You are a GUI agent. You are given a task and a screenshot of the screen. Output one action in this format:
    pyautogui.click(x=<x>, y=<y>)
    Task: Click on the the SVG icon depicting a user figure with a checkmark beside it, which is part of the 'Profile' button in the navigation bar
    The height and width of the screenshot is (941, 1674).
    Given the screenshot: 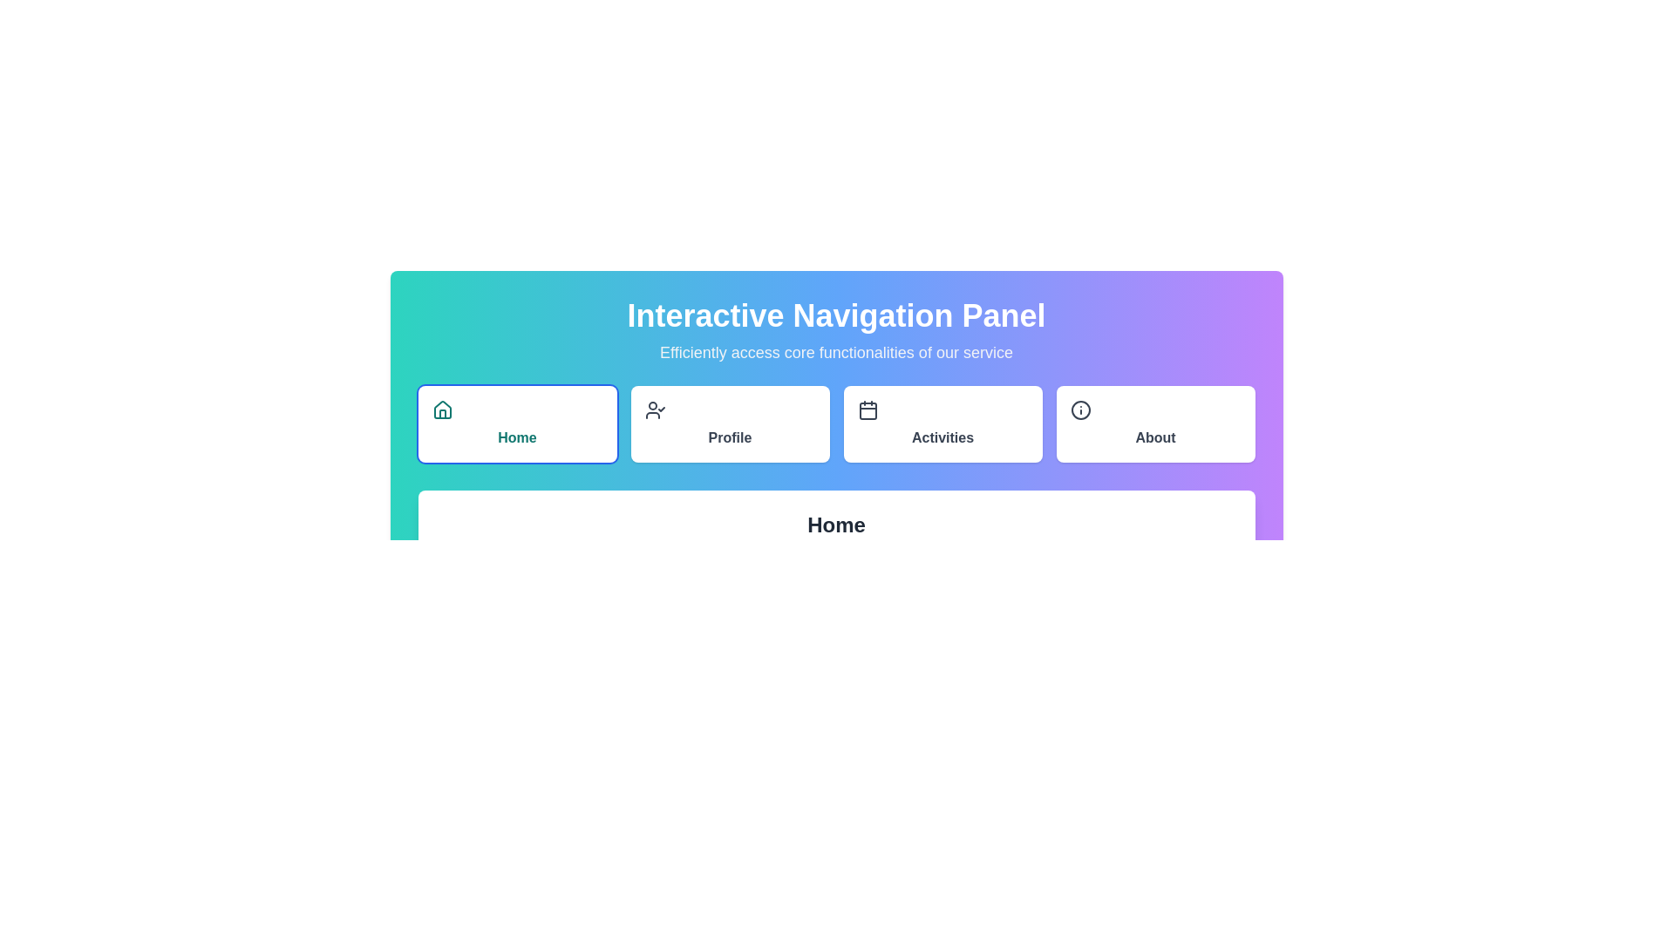 What is the action you would take?
    pyautogui.click(x=654, y=410)
    